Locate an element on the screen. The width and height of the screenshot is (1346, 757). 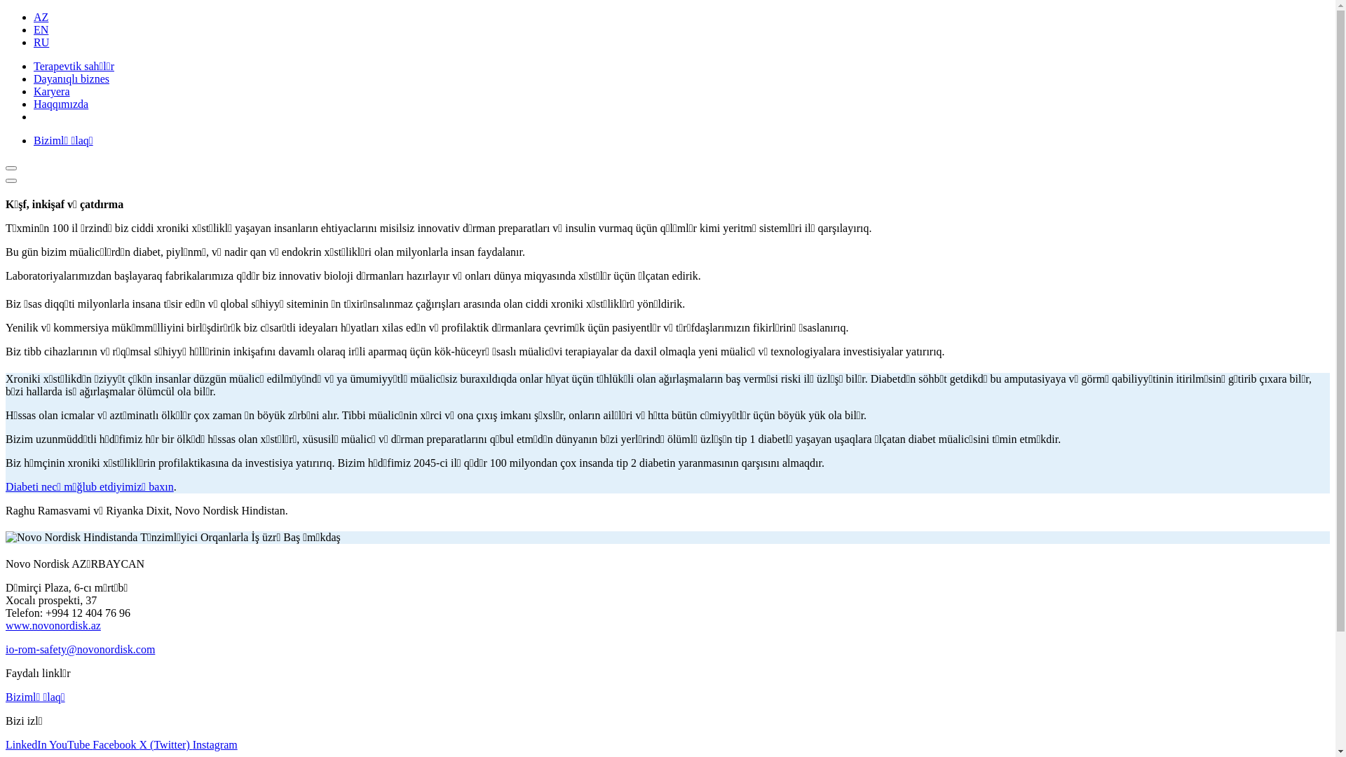
'EN' is located at coordinates (41, 29).